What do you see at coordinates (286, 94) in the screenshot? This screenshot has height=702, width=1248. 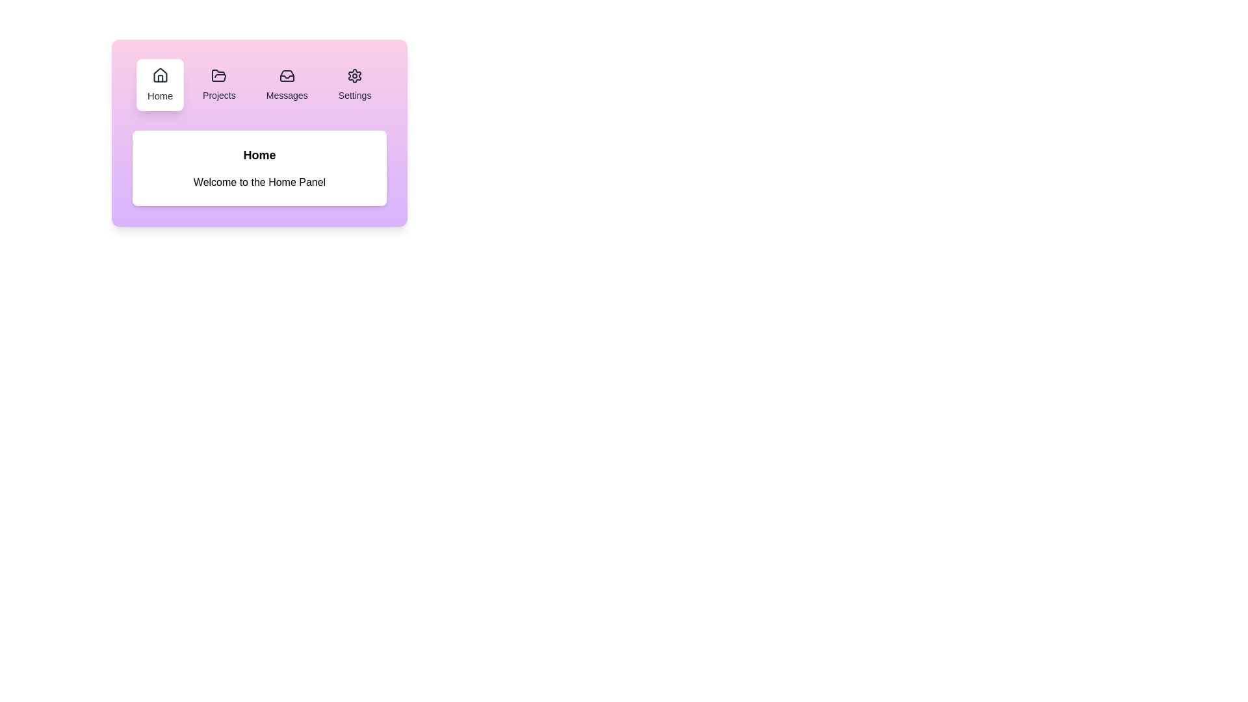 I see `the Text label indicating the Messages navigation option located in the top menu bar, positioned between 'Projects' and 'Settings'` at bounding box center [286, 94].